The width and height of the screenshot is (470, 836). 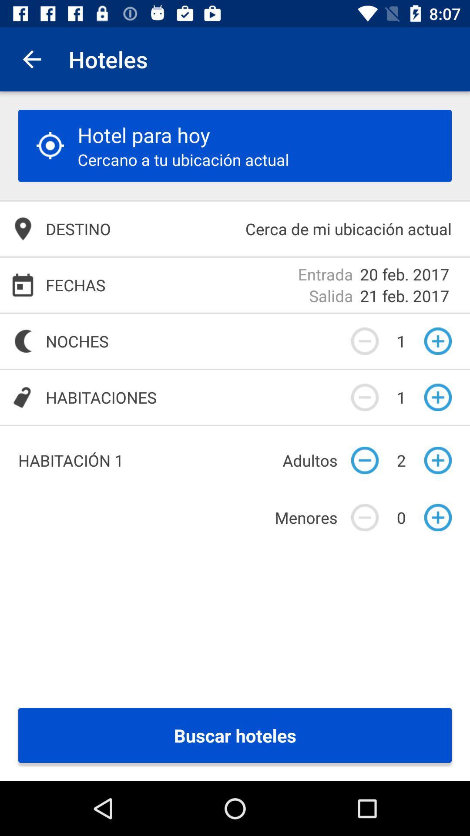 I want to click on the minus icon, so click(x=365, y=397).